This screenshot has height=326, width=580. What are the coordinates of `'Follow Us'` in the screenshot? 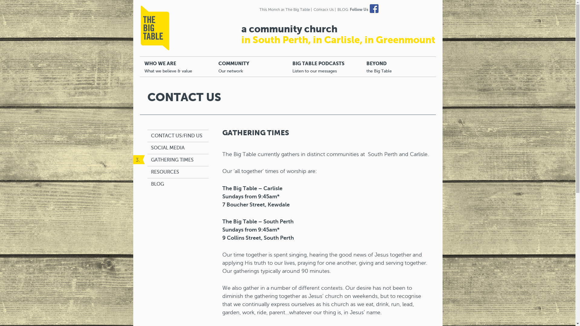 It's located at (359, 9).